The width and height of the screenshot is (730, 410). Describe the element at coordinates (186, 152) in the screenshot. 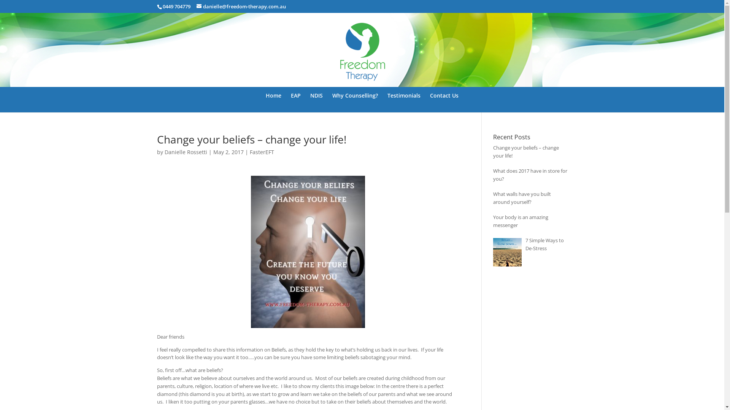

I see `'Danielle Rossetti'` at that location.